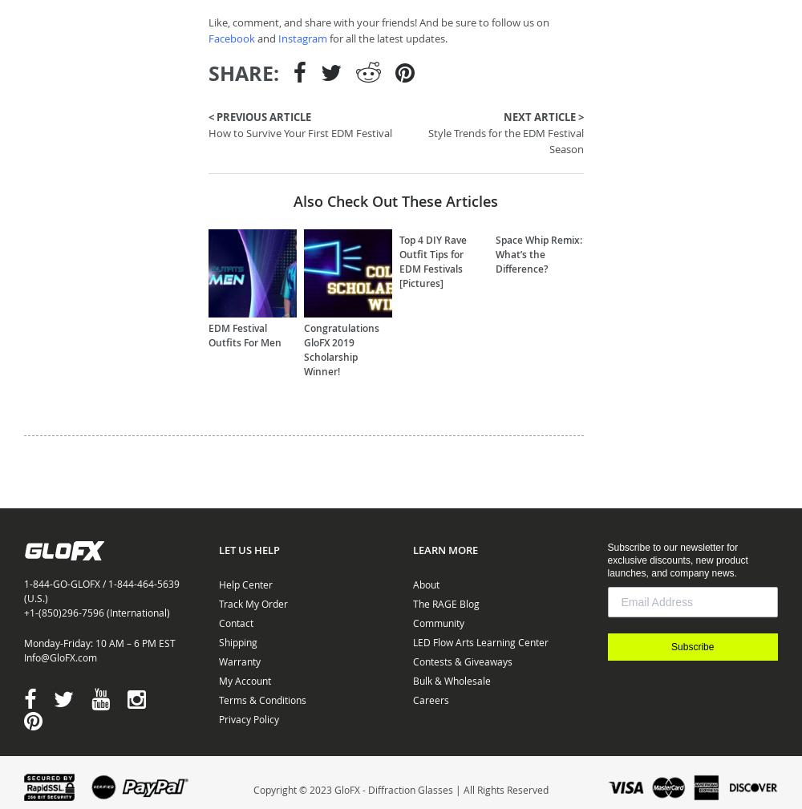 Image resolution: width=802 pixels, height=809 pixels. What do you see at coordinates (607, 560) in the screenshot?
I see `'Subscribe to our newsletter for exclusive discounts, new product launches, and company news.'` at bounding box center [607, 560].